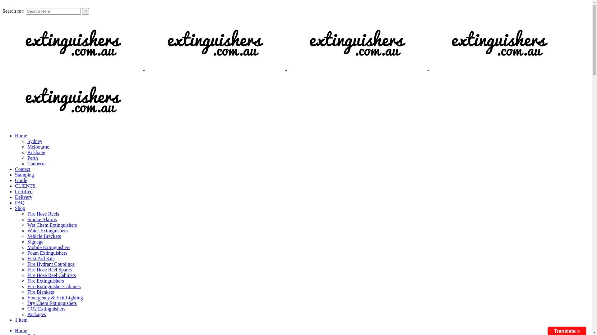 The image size is (597, 335). What do you see at coordinates (21, 320) in the screenshot?
I see `'1 item'` at bounding box center [21, 320].